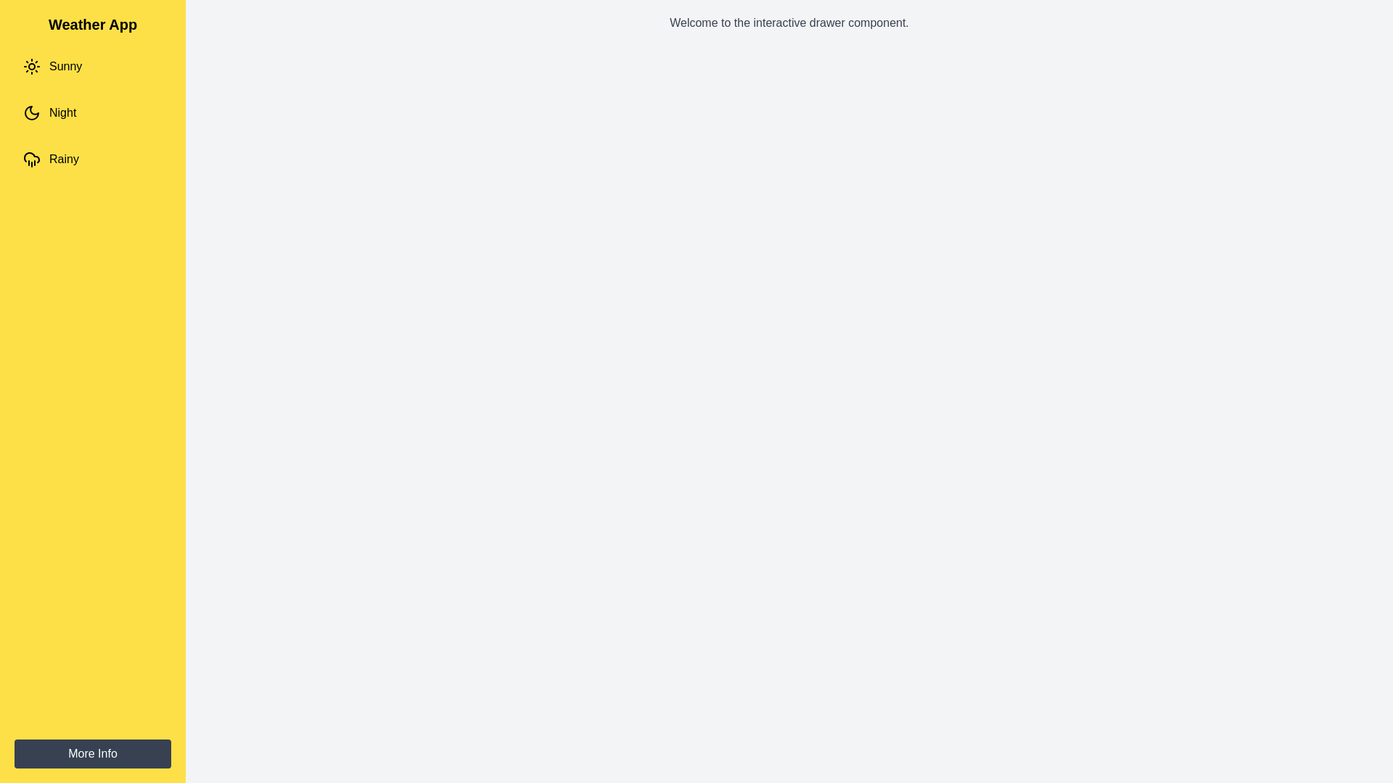 The width and height of the screenshot is (1393, 783). Describe the element at coordinates (92, 159) in the screenshot. I see `the third item in the weather menu indicating rainy weather, located in the yellow background sidebar` at that location.